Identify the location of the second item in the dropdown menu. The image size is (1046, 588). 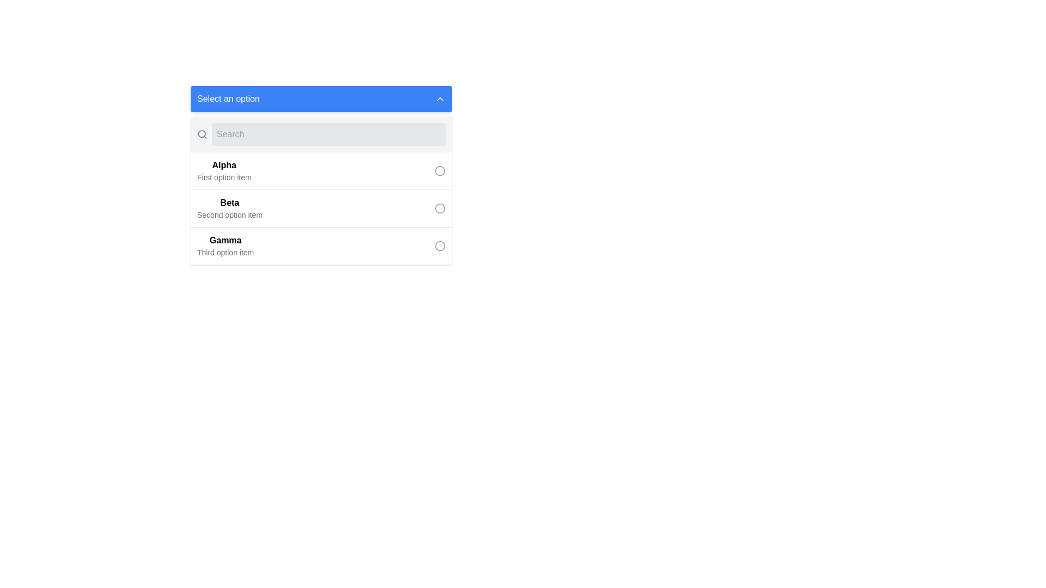
(229, 208).